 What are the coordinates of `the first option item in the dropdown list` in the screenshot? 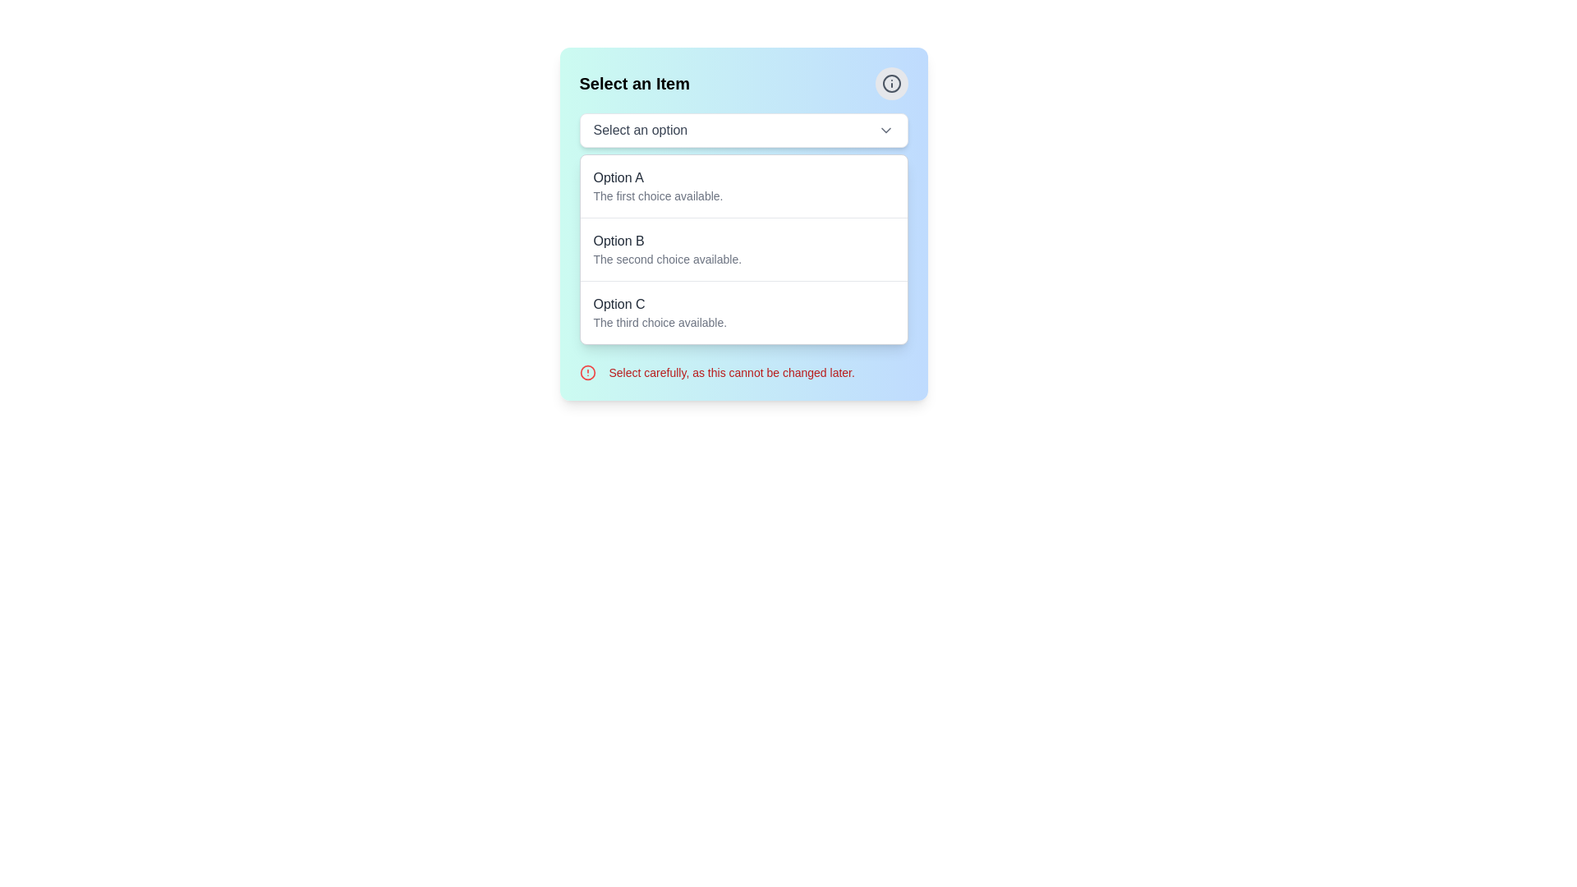 It's located at (743, 186).